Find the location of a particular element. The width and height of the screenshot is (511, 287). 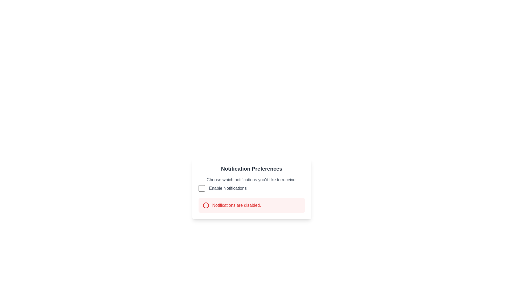

the checkbox labeled 'Enable Notifications' in the 'Notification Preferences' card to check or uncheck it is located at coordinates (201, 188).